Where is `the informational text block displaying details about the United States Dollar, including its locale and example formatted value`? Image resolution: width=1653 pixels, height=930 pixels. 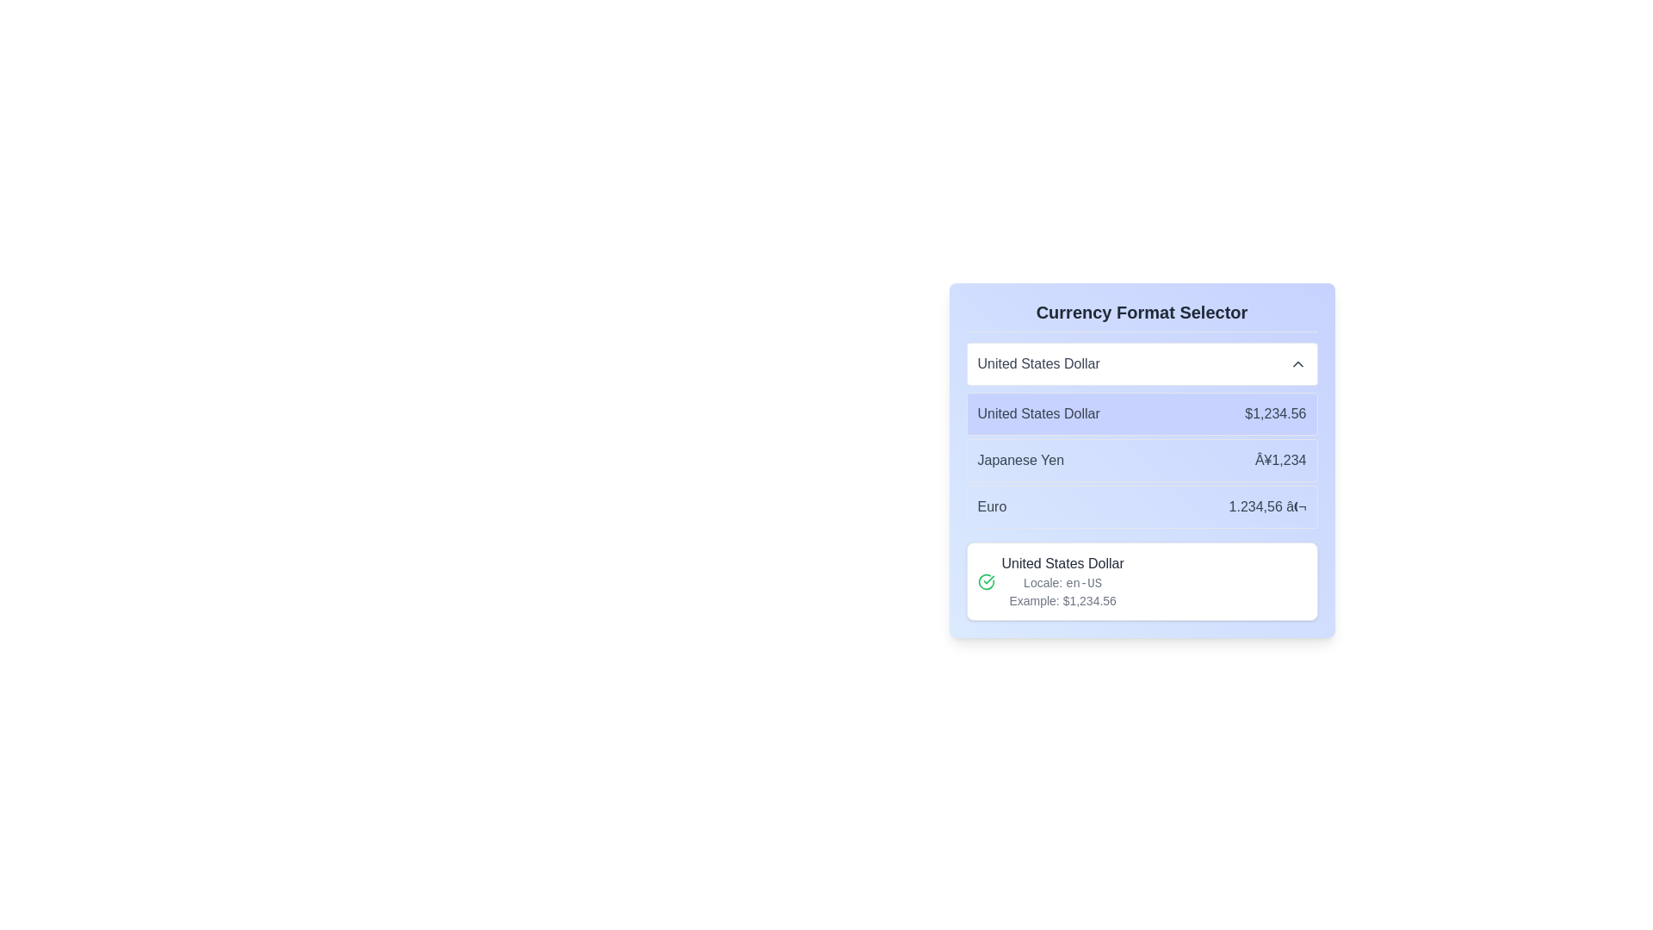
the informational text block displaying details about the United States Dollar, including its locale and example formatted value is located at coordinates (1062, 581).